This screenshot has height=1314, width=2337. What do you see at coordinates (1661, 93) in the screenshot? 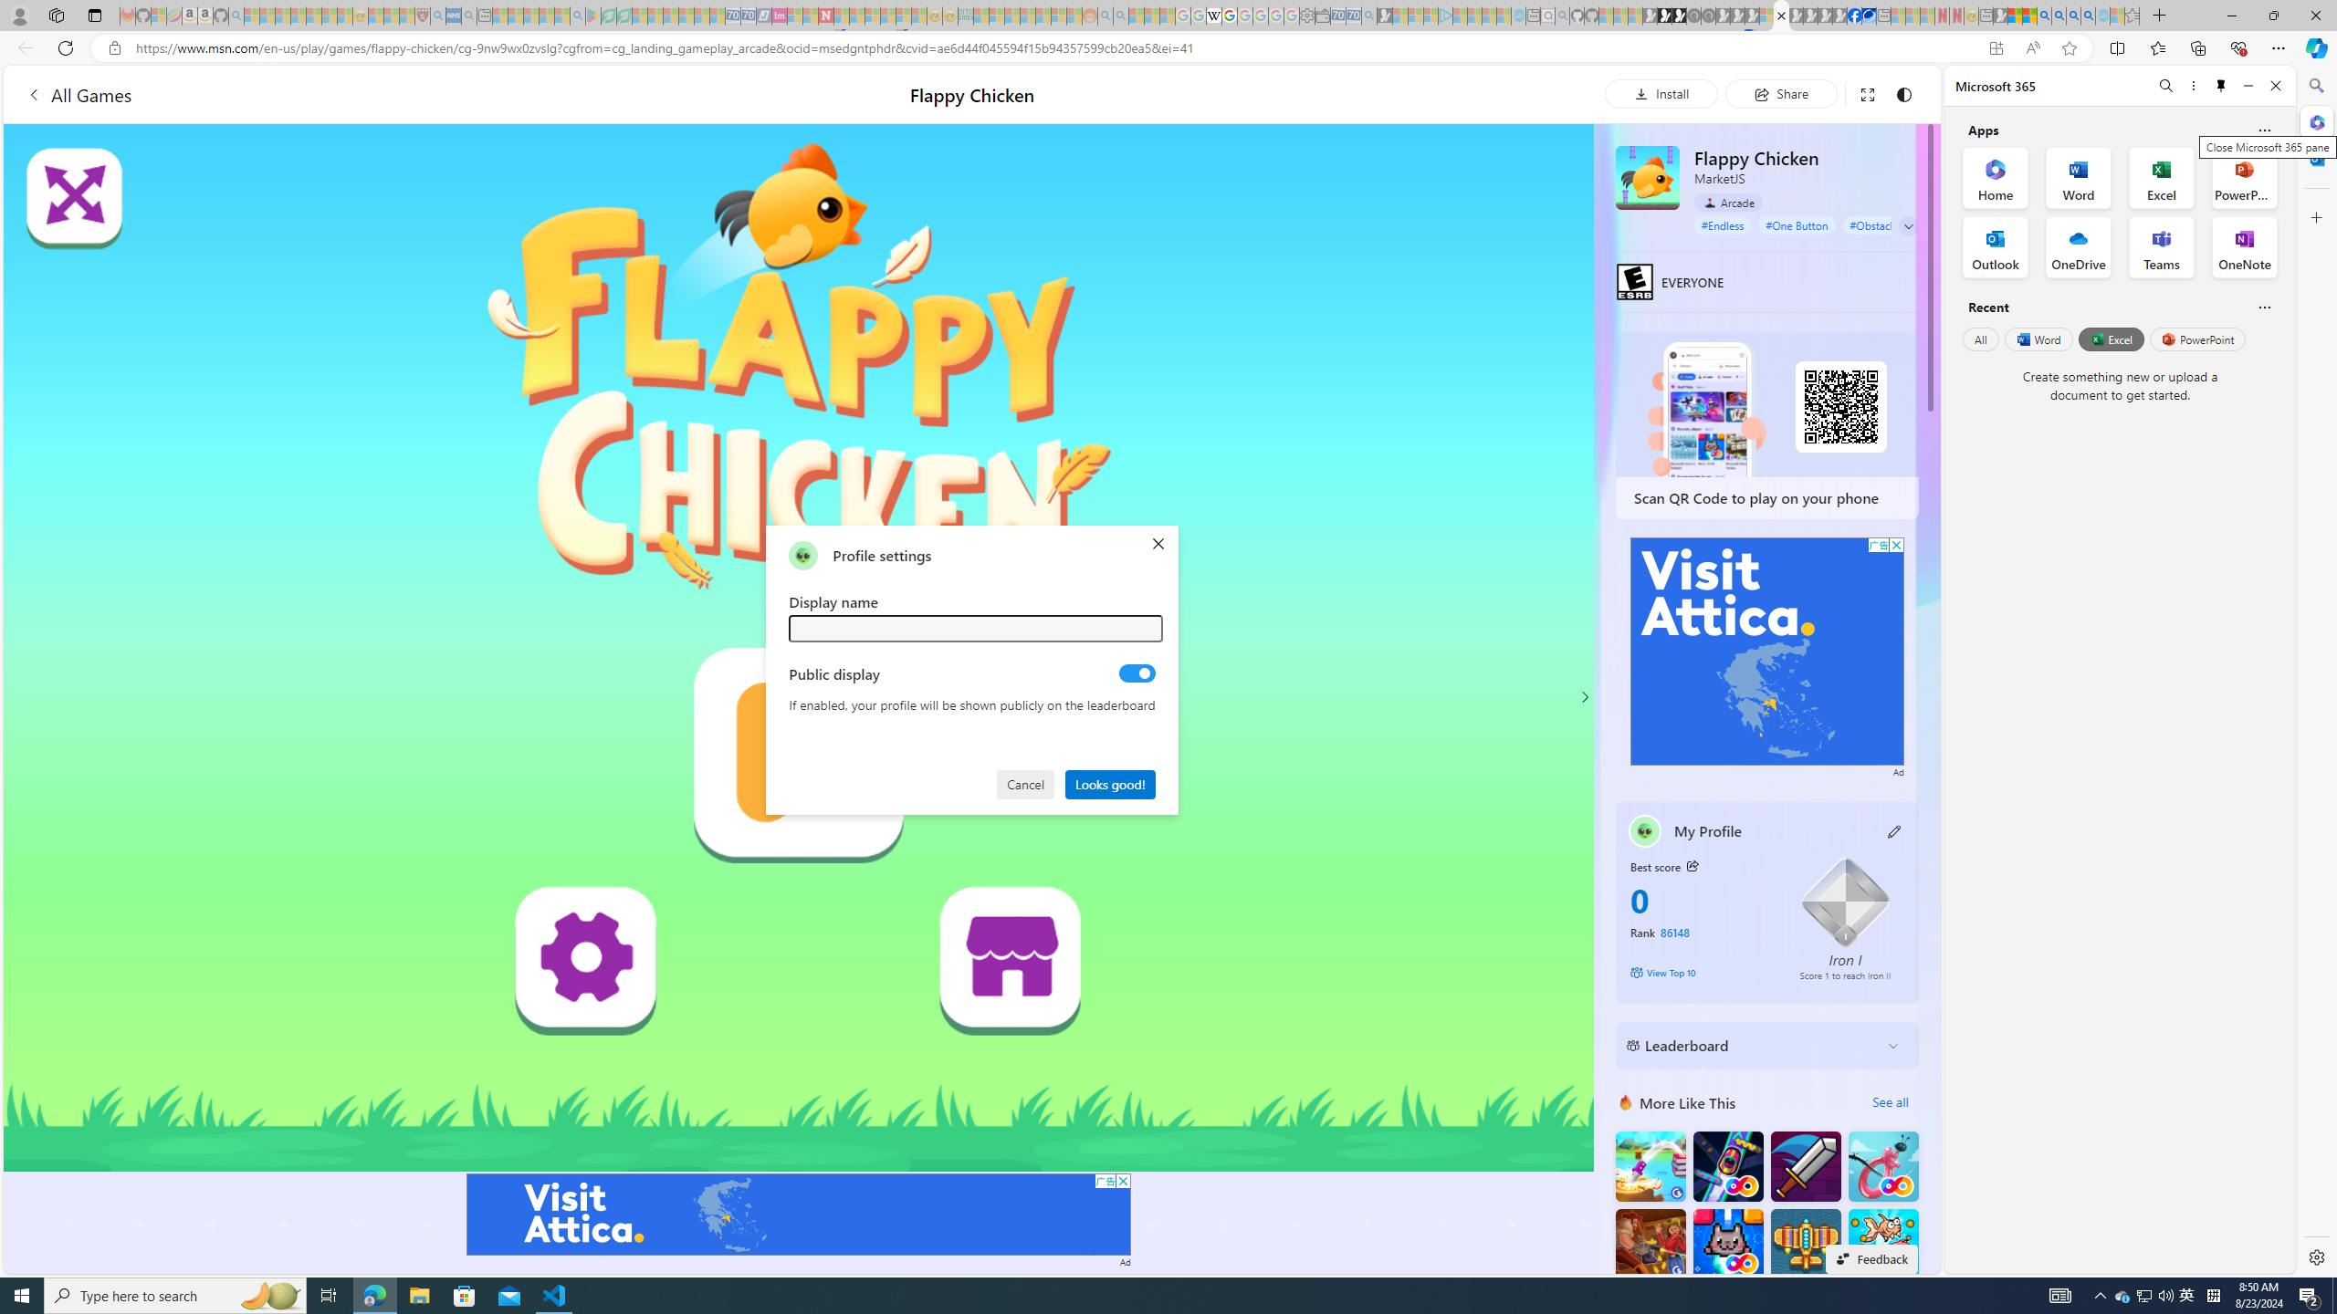
I see `'Install'` at bounding box center [1661, 93].